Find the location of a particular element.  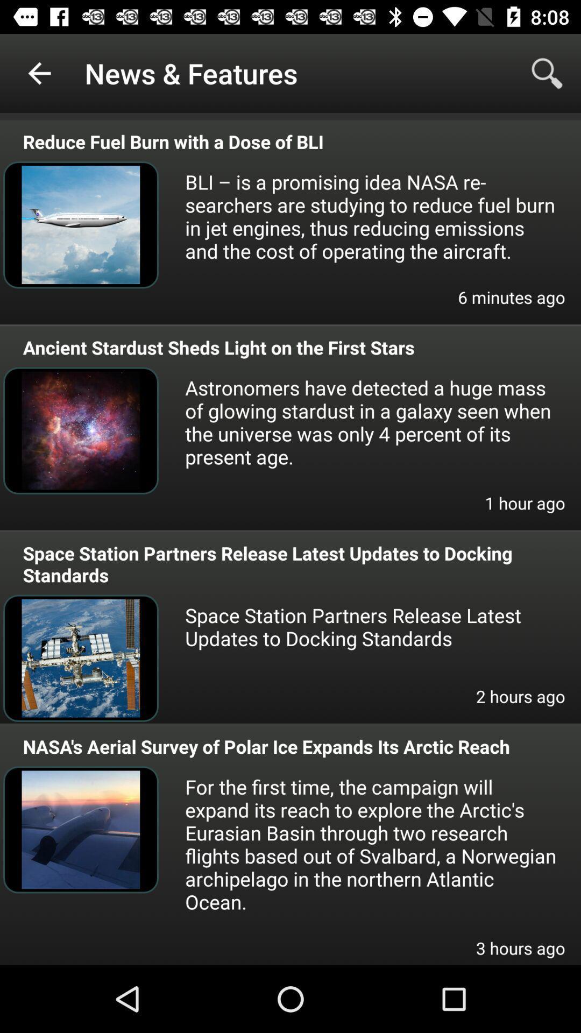

astronomers have detected icon is located at coordinates (371, 421).